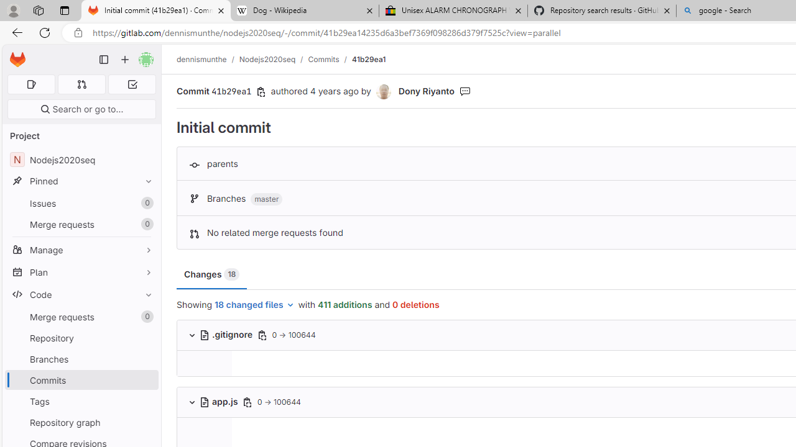 The height and width of the screenshot is (447, 796). Describe the element at coordinates (125, 60) in the screenshot. I see `'Create new...'` at that location.